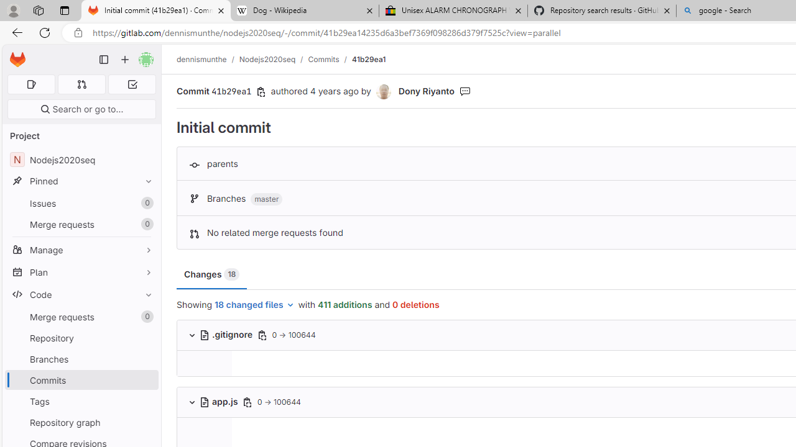 The height and width of the screenshot is (447, 796). Describe the element at coordinates (125, 60) in the screenshot. I see `'Create new...'` at that location.